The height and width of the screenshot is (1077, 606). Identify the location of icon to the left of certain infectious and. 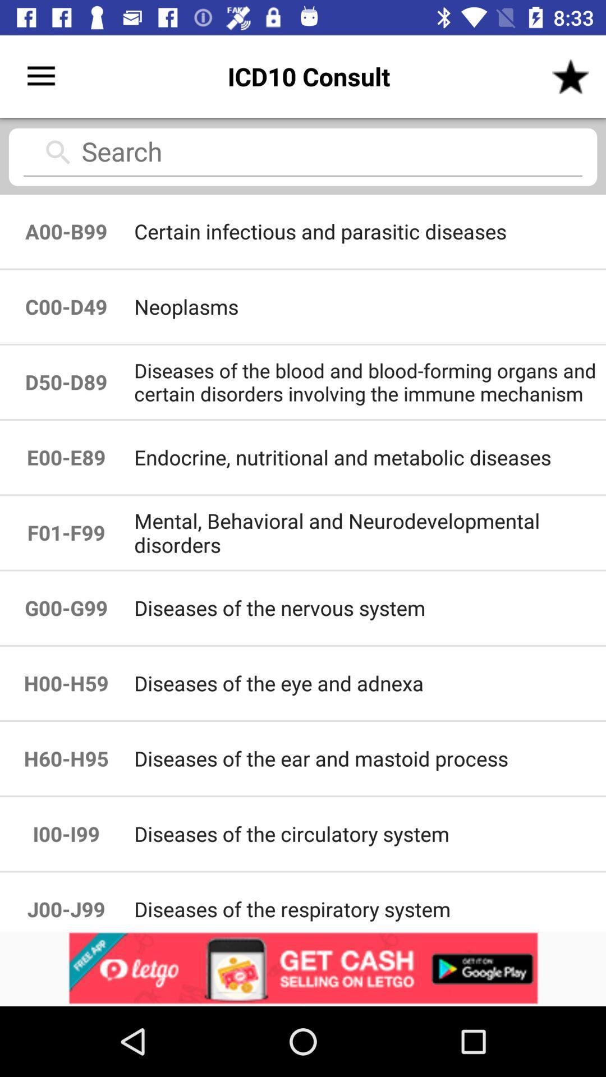
(66, 307).